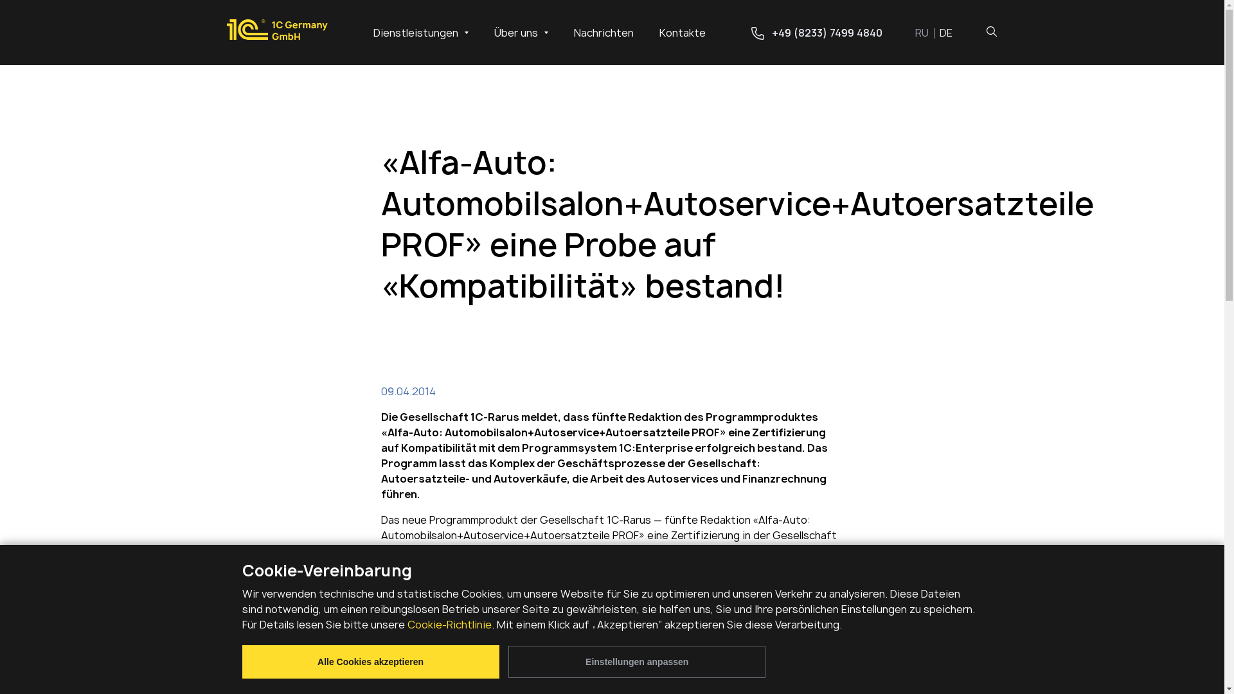 The height and width of the screenshot is (694, 1234). I want to click on 'Alle Cookies akzeptieren', so click(370, 661).